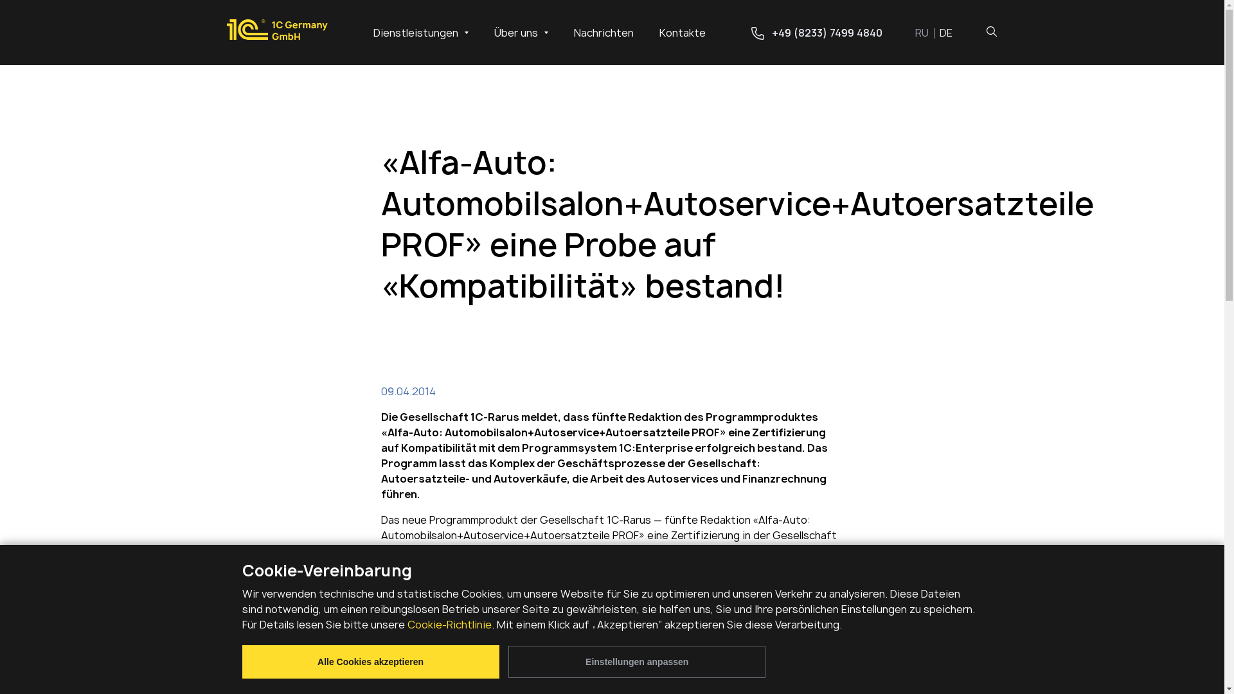 The height and width of the screenshot is (694, 1234). I want to click on 'Alle Cookies akzeptieren', so click(370, 661).